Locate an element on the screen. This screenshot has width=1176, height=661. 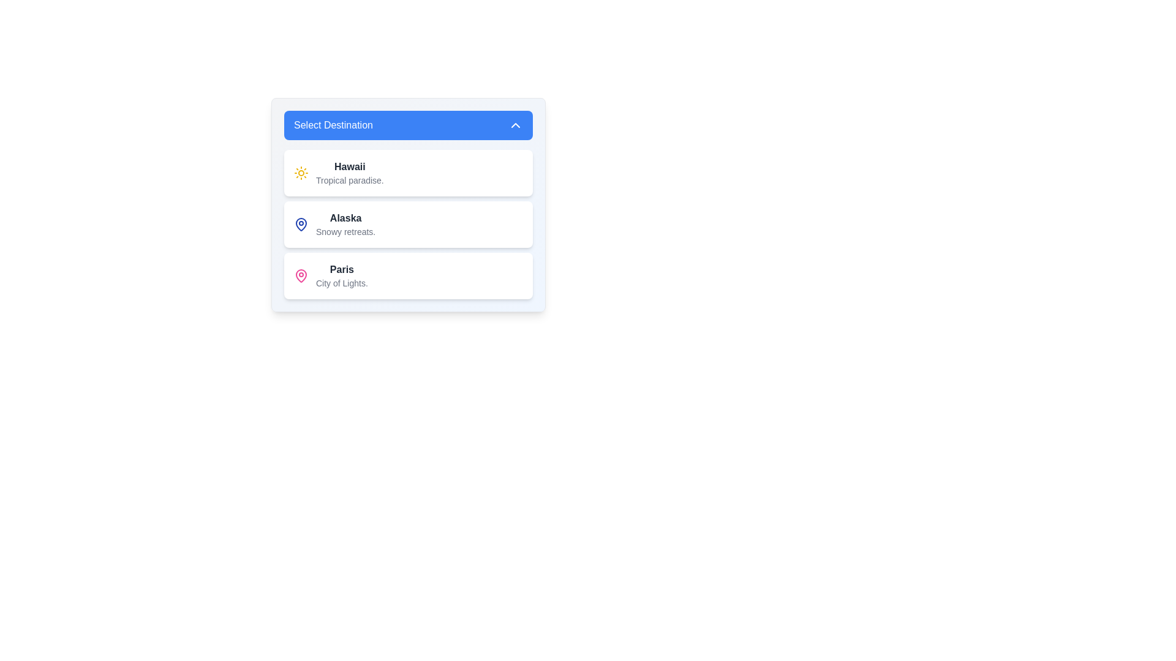
the selection option representing 'Paris, City of Lights.' in the third row of the vertical selection panel is located at coordinates (331, 276).